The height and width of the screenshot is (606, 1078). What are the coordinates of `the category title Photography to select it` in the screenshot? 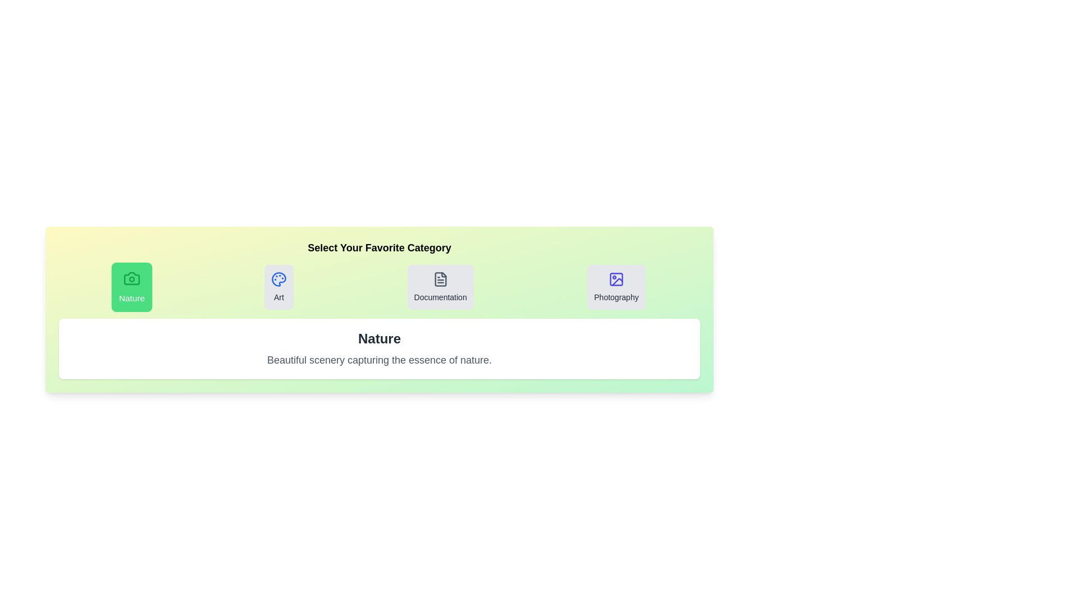 It's located at (615, 287).